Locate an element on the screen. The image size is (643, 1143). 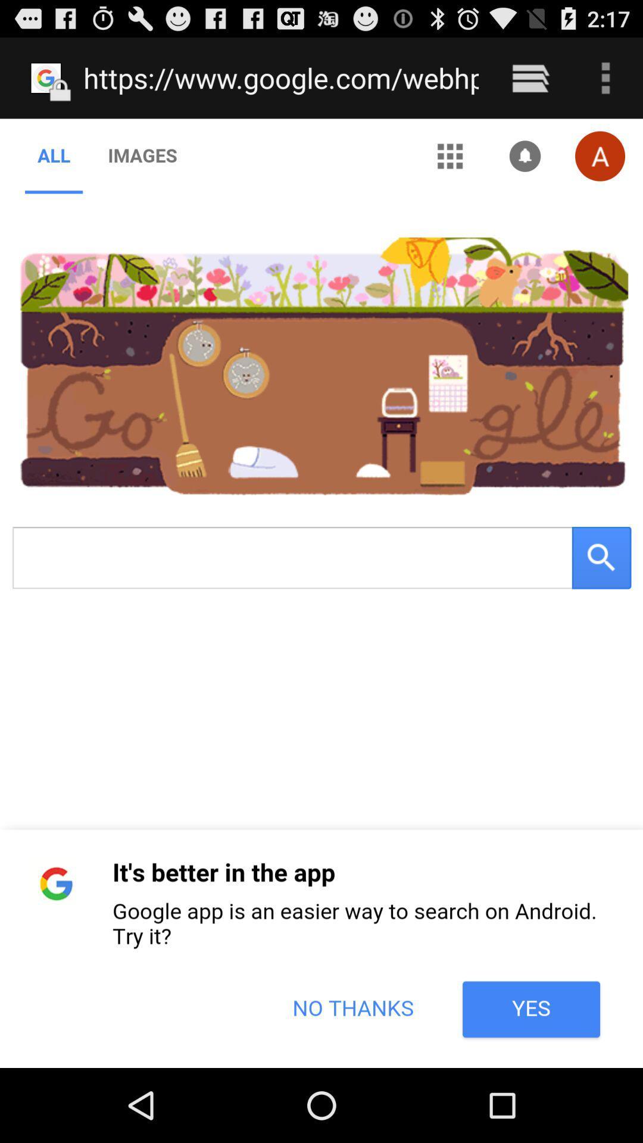
the more icon is located at coordinates (605, 83).